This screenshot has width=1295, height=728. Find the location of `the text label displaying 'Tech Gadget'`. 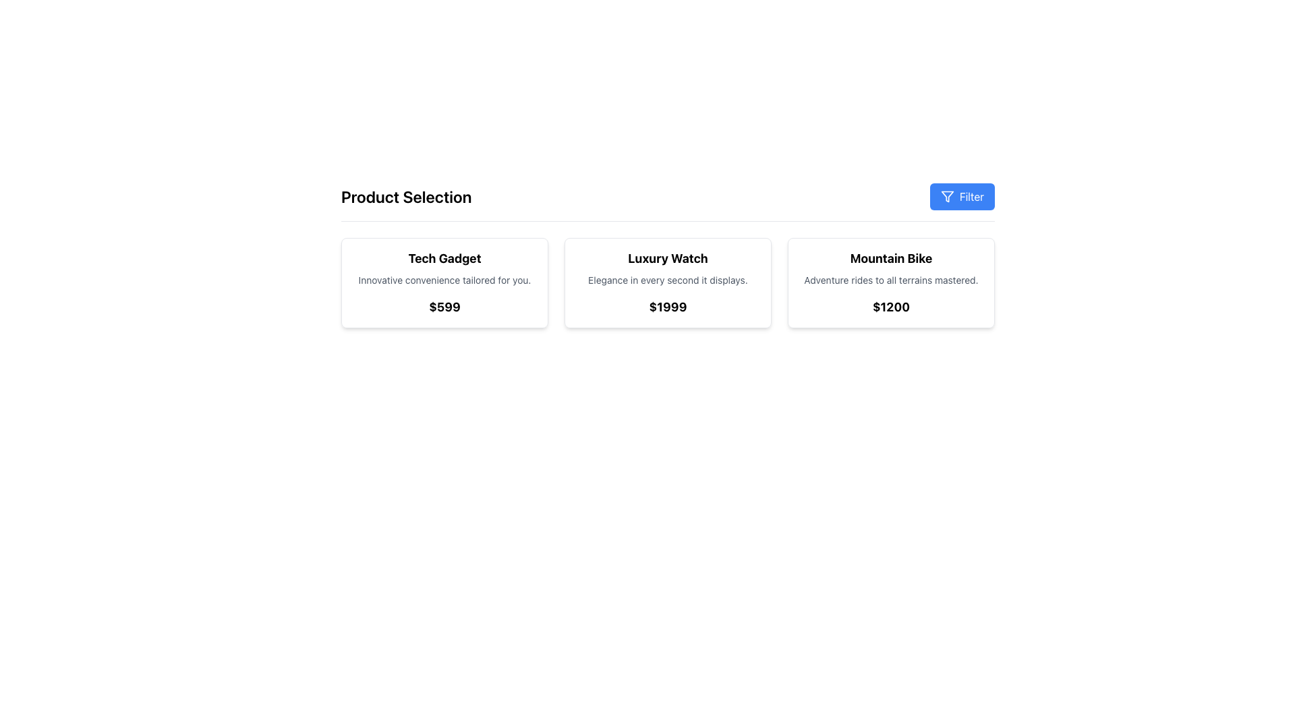

the text label displaying 'Tech Gadget' is located at coordinates (444, 259).